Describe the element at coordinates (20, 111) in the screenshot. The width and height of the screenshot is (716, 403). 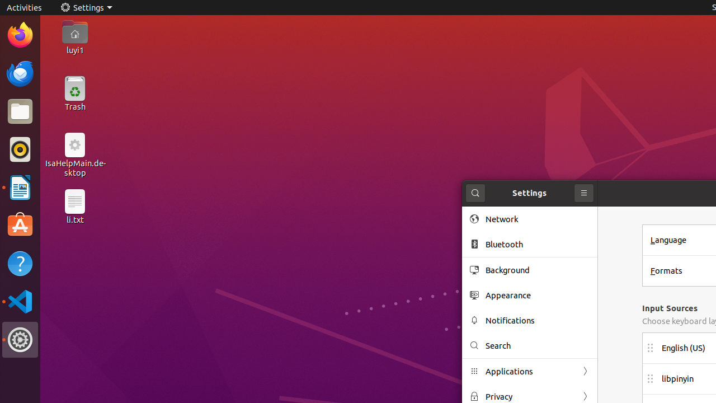
I see `'Files'` at that location.